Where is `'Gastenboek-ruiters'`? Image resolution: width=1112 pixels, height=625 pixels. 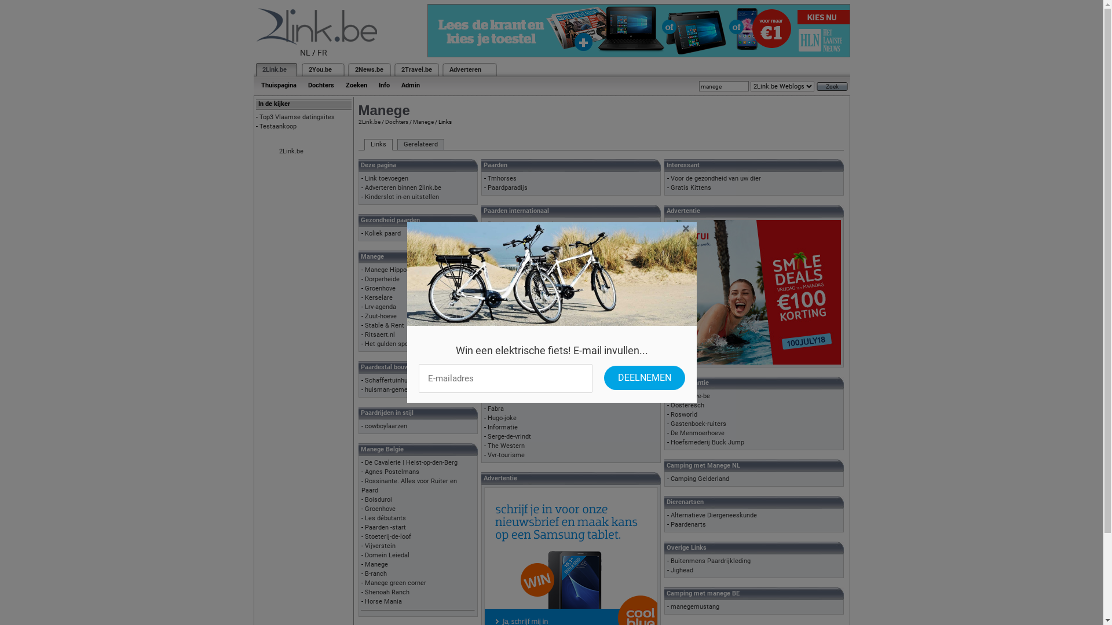
'Gastenboek-ruiters' is located at coordinates (697, 424).